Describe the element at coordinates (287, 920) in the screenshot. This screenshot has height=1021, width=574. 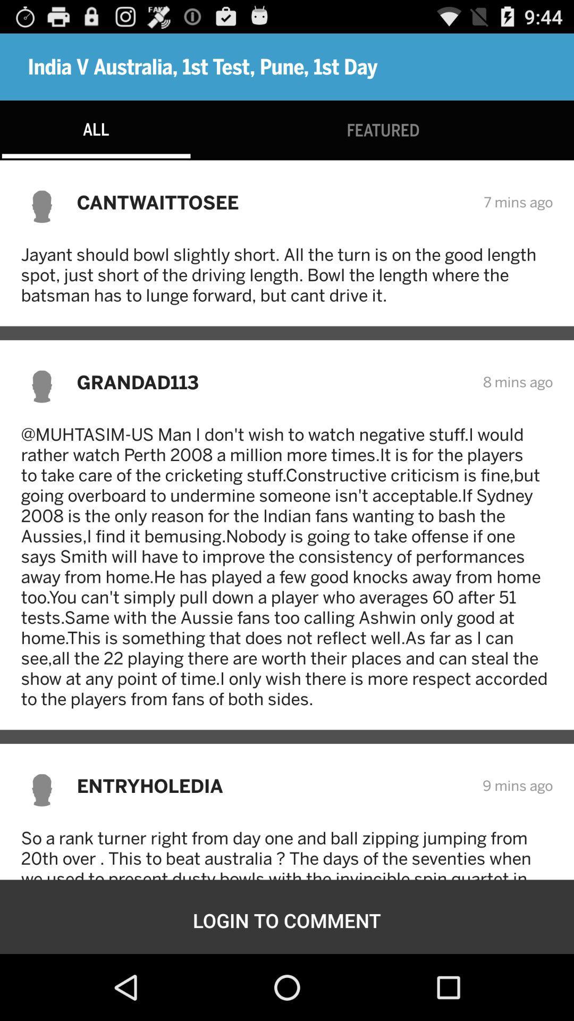
I see `item below the so a rank icon` at that location.